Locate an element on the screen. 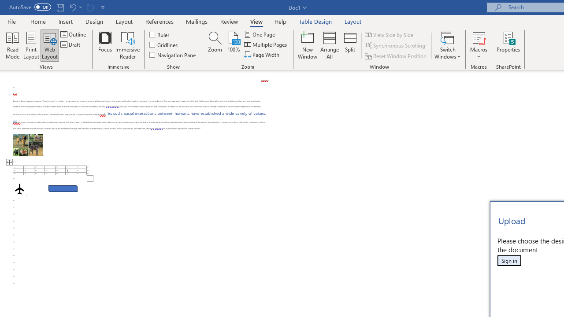 Image resolution: width=564 pixels, height=317 pixels. 'Macros' is located at coordinates (478, 45).